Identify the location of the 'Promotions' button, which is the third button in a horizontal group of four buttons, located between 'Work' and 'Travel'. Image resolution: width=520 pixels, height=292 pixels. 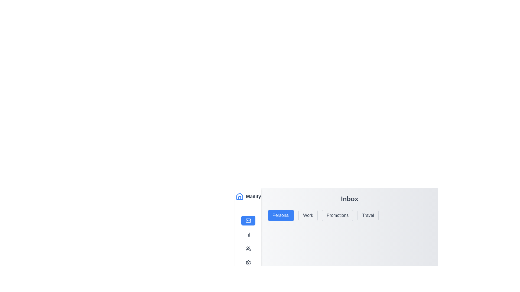
(337, 215).